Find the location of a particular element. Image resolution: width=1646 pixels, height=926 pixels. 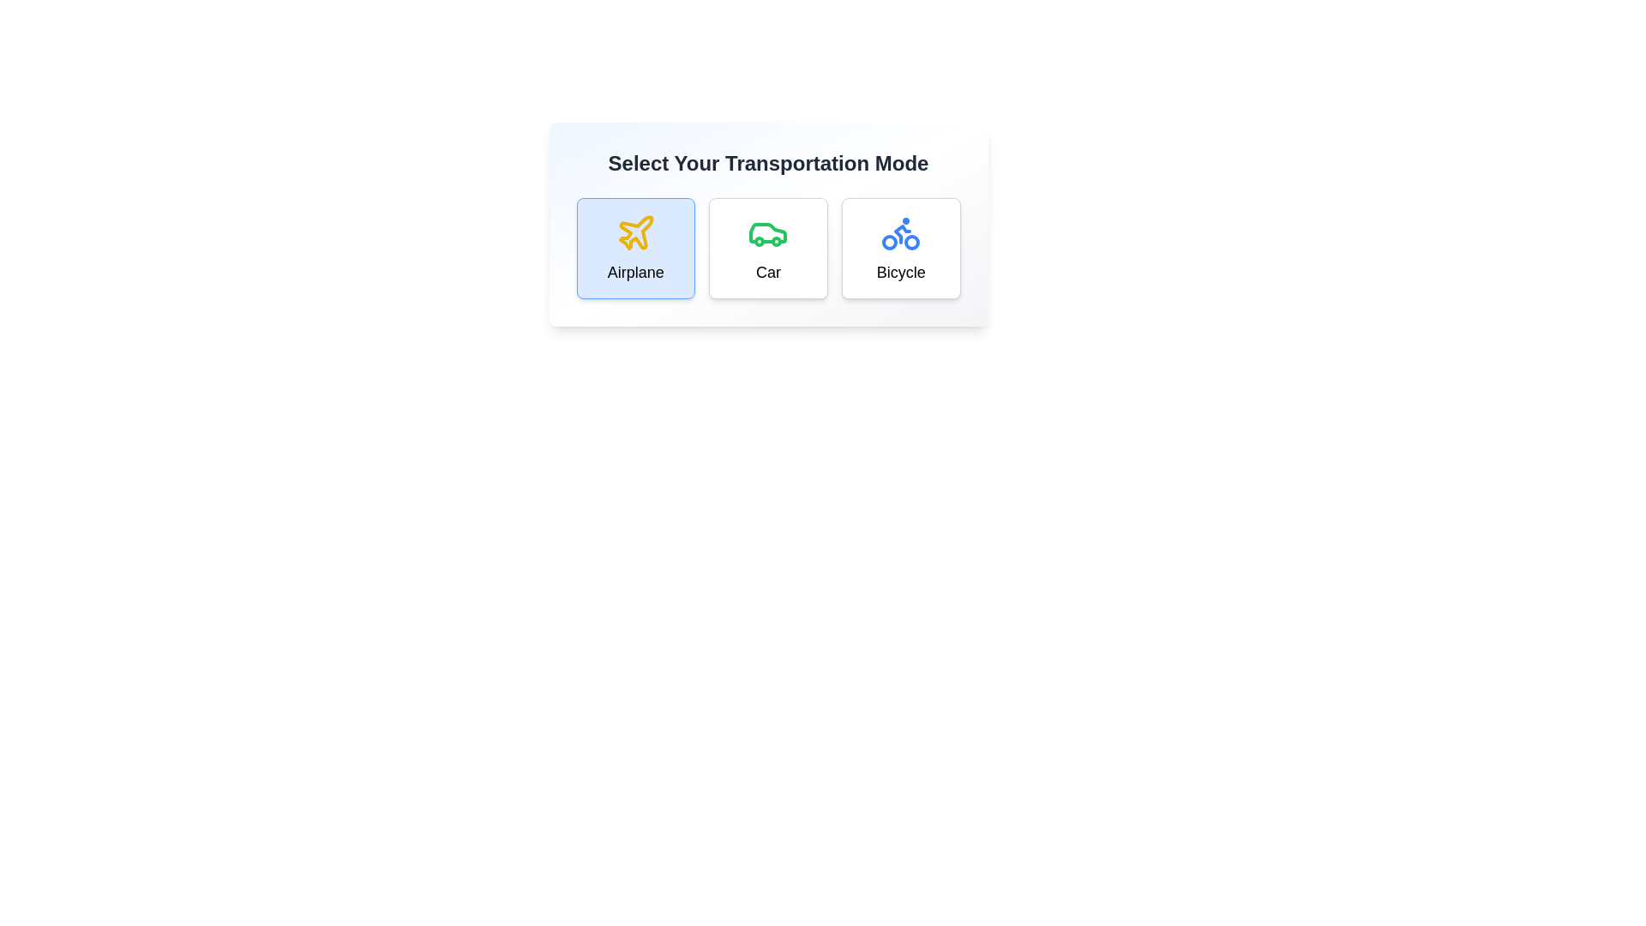

the small circular graphic located at the rear wheel hub of the bicycle icon in the transportation mode options is located at coordinates (911, 242).